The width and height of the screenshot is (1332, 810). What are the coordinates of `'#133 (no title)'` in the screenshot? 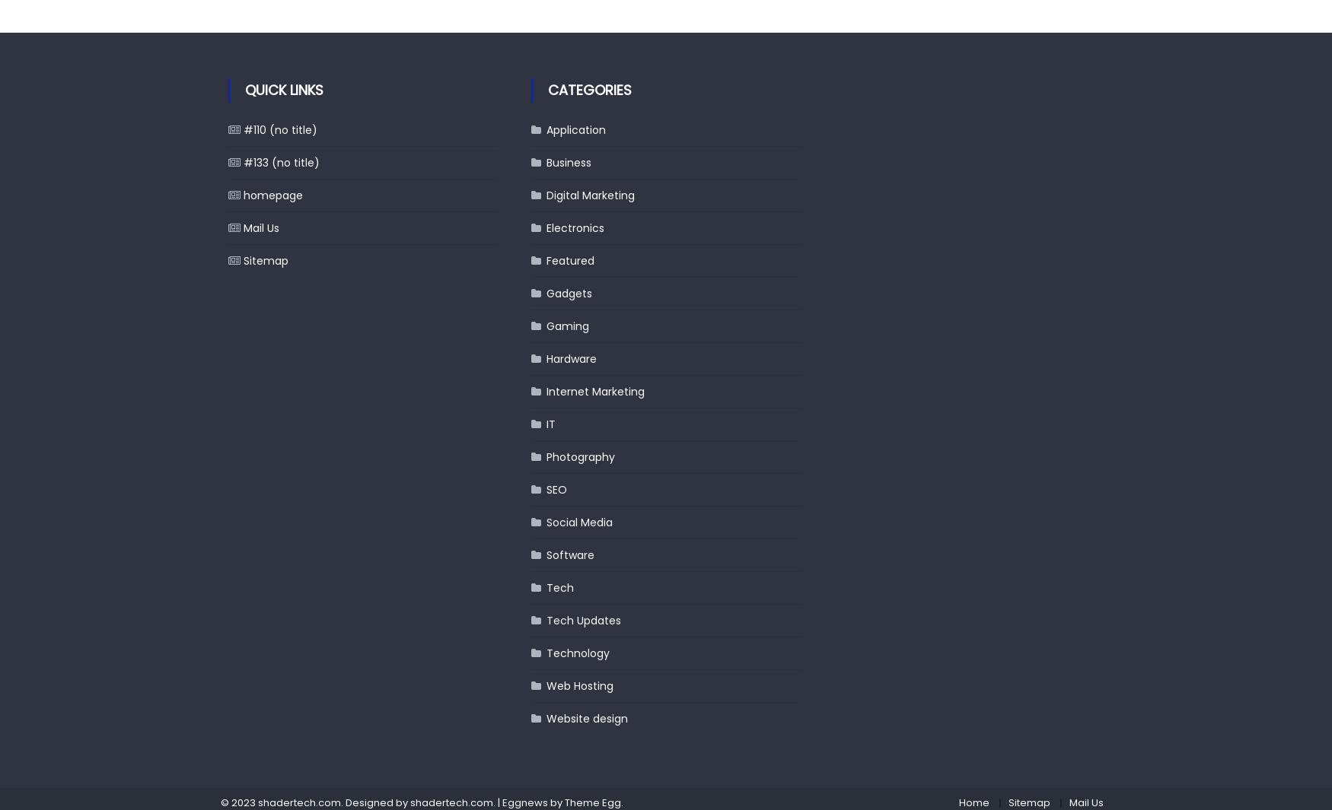 It's located at (281, 161).